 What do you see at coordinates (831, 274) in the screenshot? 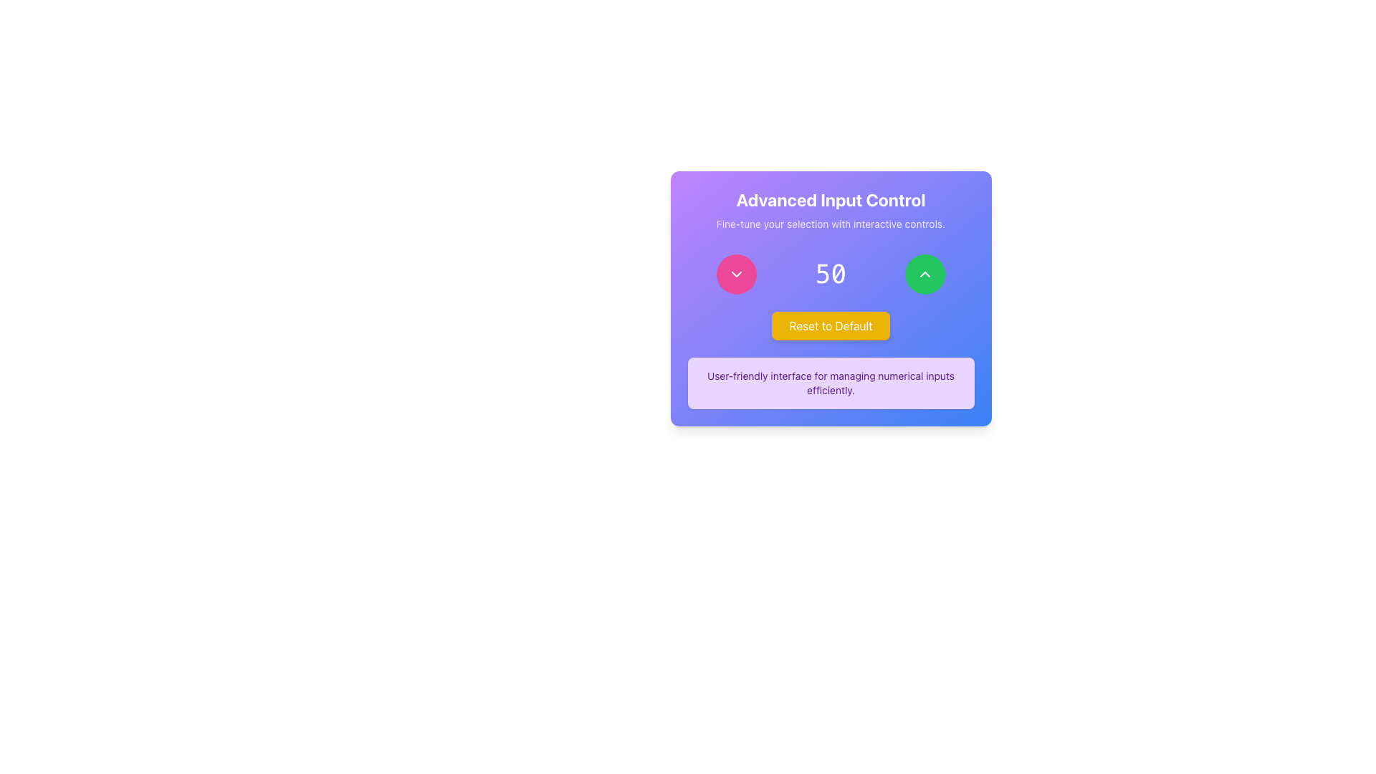
I see `the large number '50' displayed in white with a monospaced font style, centered within a card-like component against a purple background` at bounding box center [831, 274].